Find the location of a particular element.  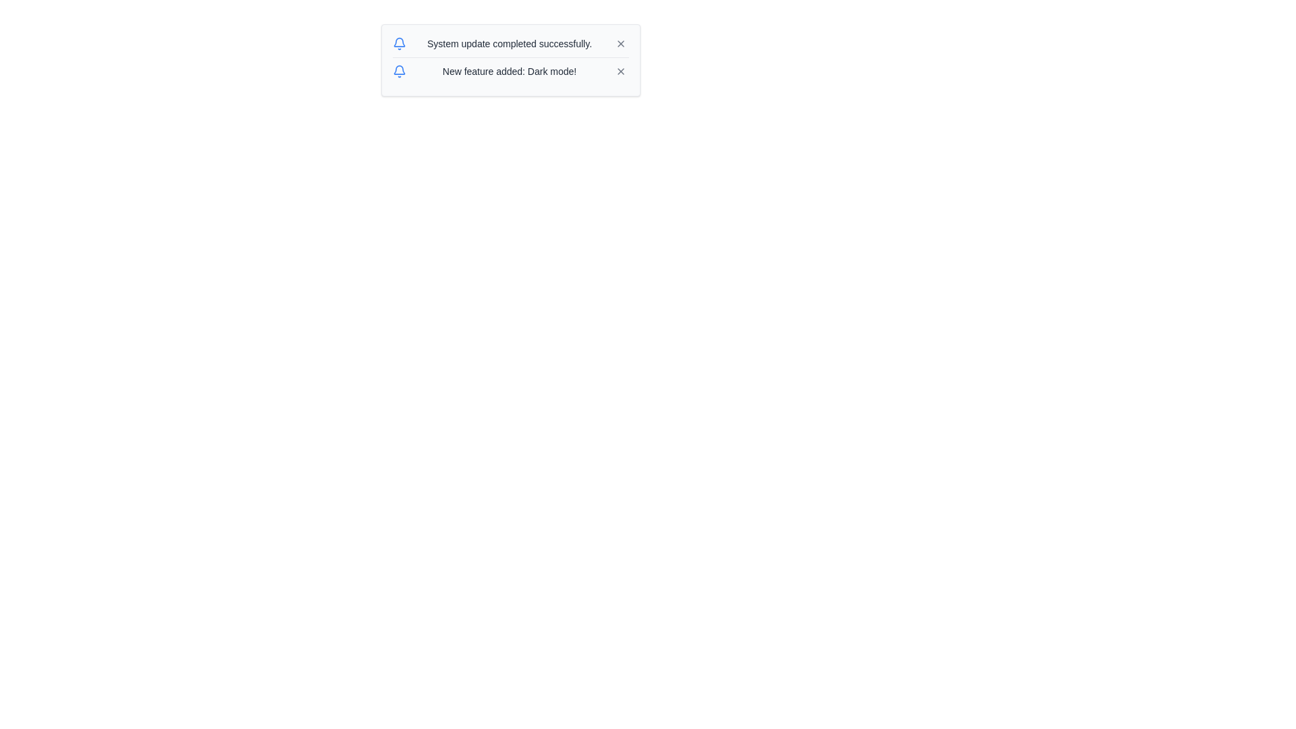

the bell icon located on the left side of the text 'New feature added: Dark mode!' in the second notification entry to acknowledge the notification is located at coordinates (398, 71).